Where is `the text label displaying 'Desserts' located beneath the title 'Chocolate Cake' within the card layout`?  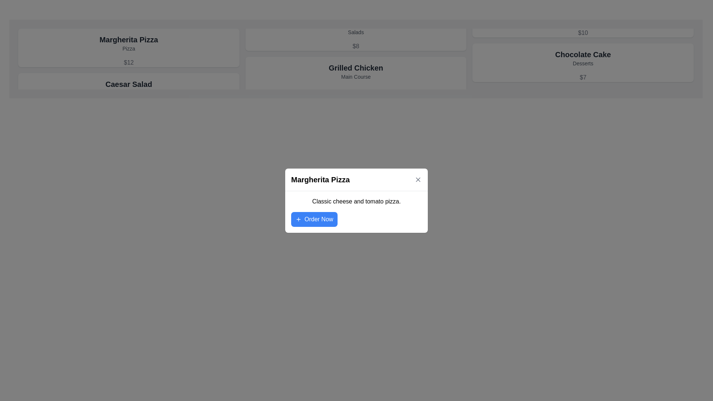
the text label displaying 'Desserts' located beneath the title 'Chocolate Cake' within the card layout is located at coordinates (583, 63).